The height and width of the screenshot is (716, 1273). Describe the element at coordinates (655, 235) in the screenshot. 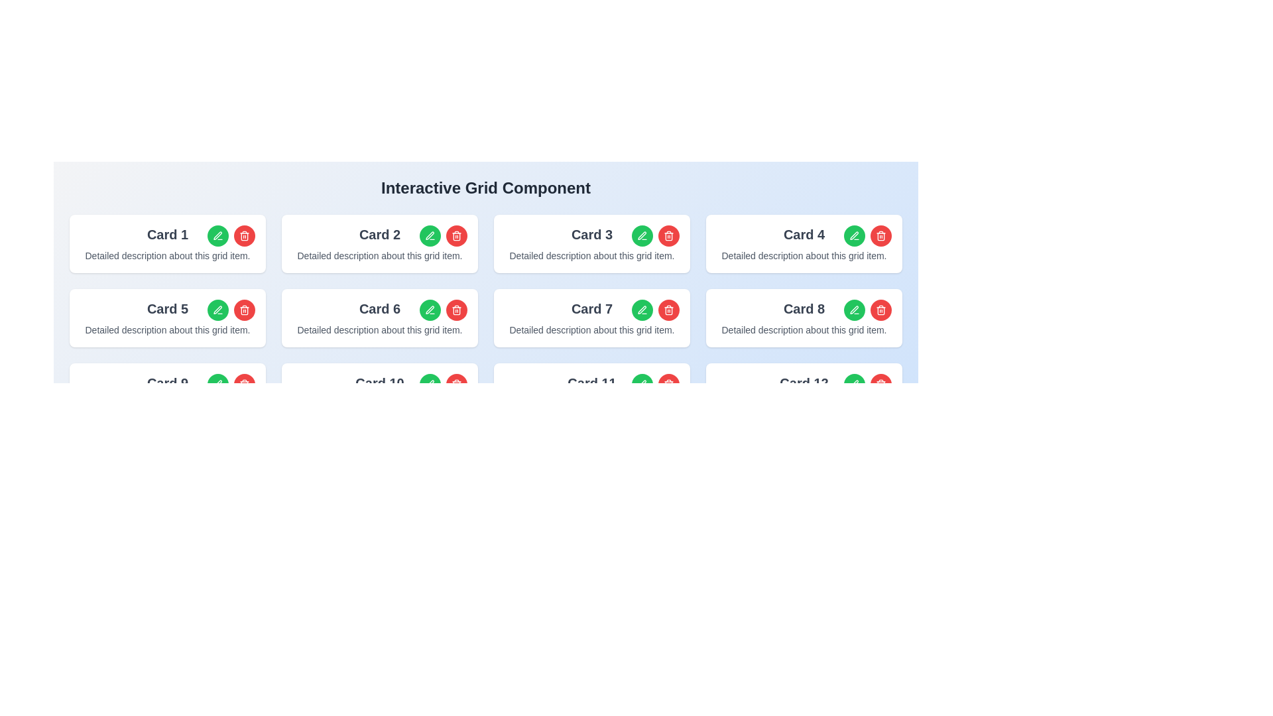

I see `the edit button (pen icon) located in the top-right corner of the card labeled 'Card 3'` at that location.